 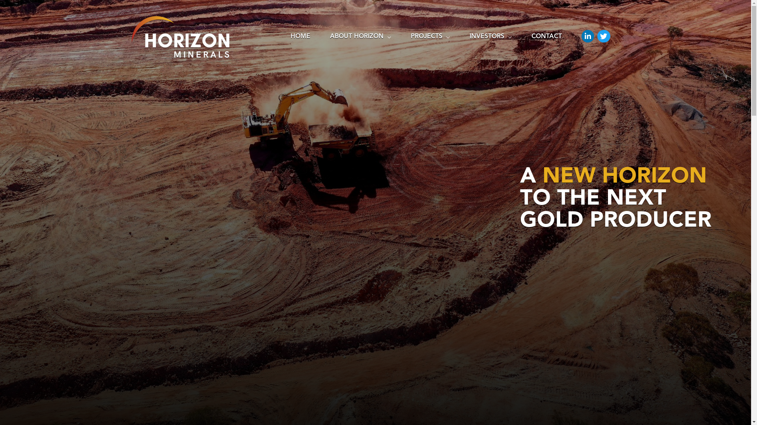 I want to click on 'CONTACT', so click(x=546, y=37).